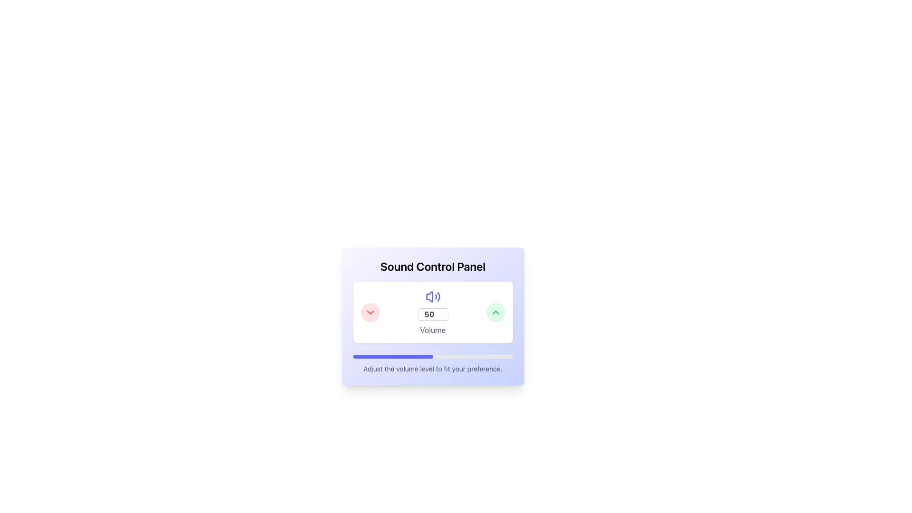 The height and width of the screenshot is (513, 912). I want to click on the circular green button with an upward chevron icon located in the top-right part of the white box, adjacent to the 'Volume' input field, to increase the volume, so click(495, 313).